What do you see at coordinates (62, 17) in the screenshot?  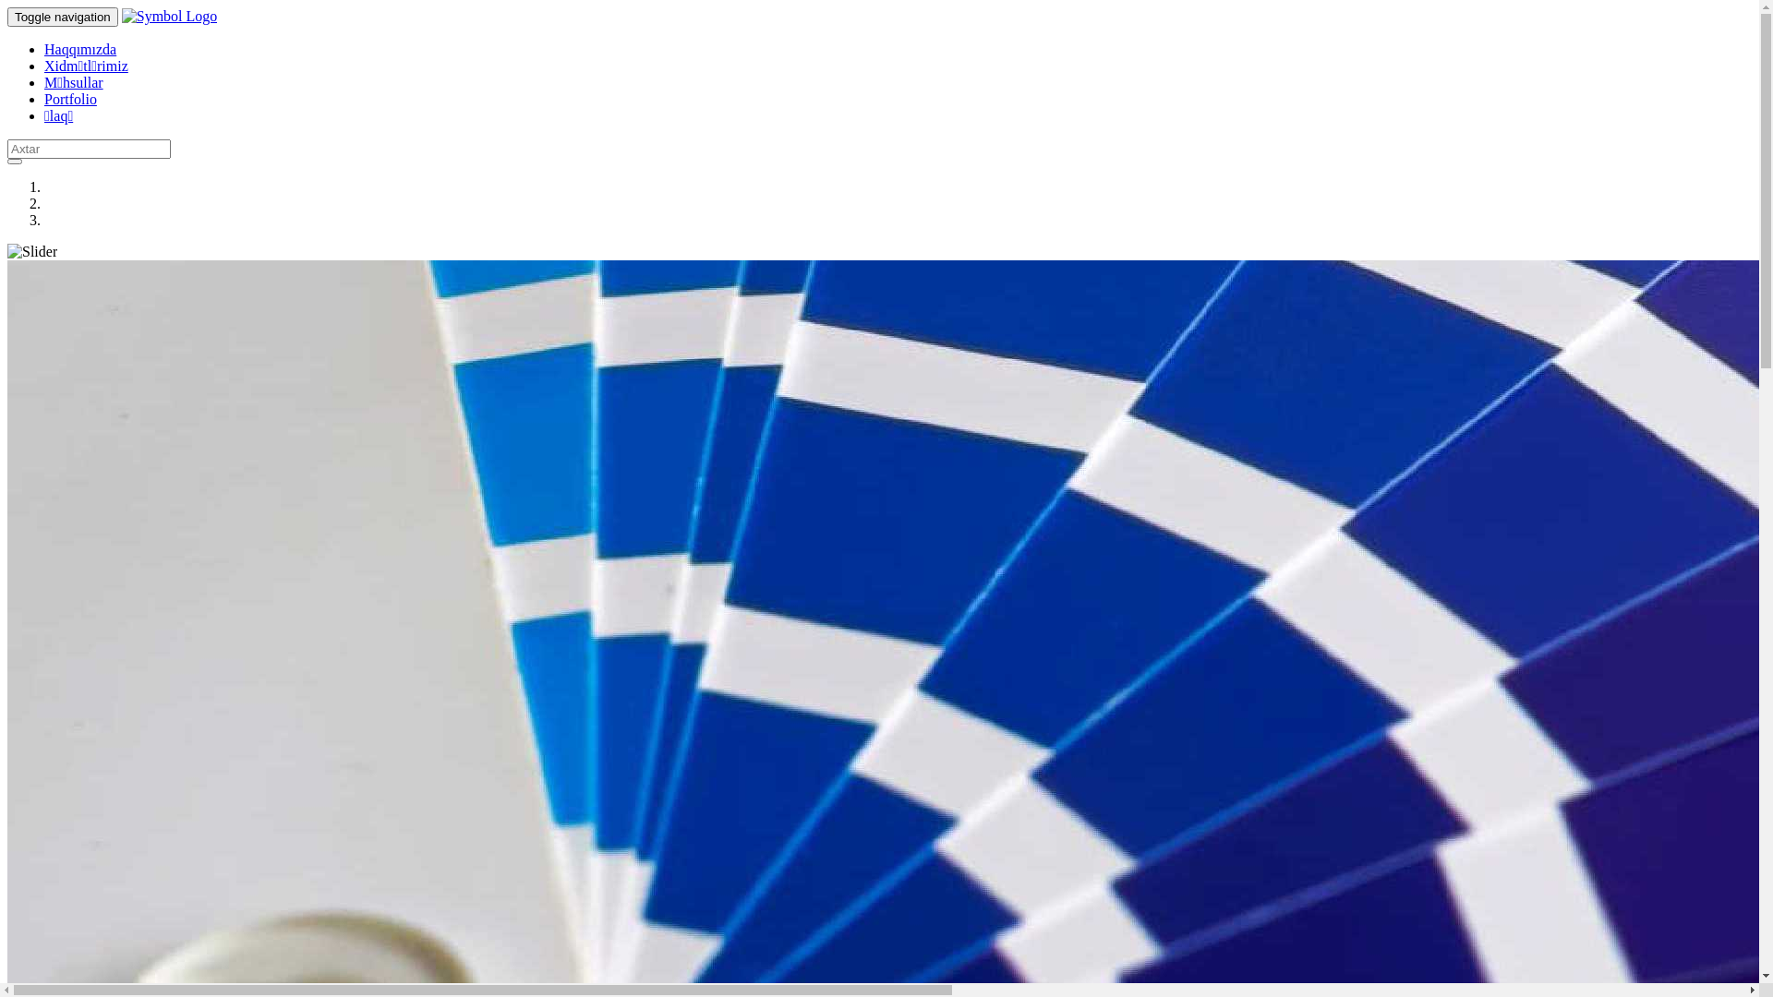 I see `'Toggle navigation'` at bounding box center [62, 17].